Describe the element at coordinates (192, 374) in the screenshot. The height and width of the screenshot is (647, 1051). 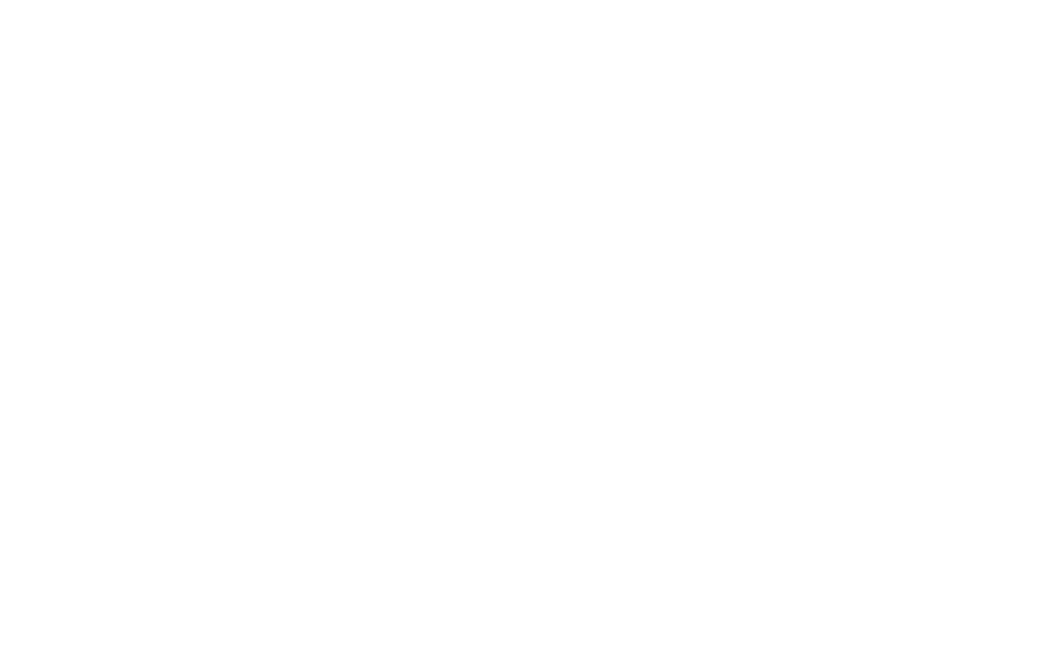
I see `'Newsletter'` at that location.